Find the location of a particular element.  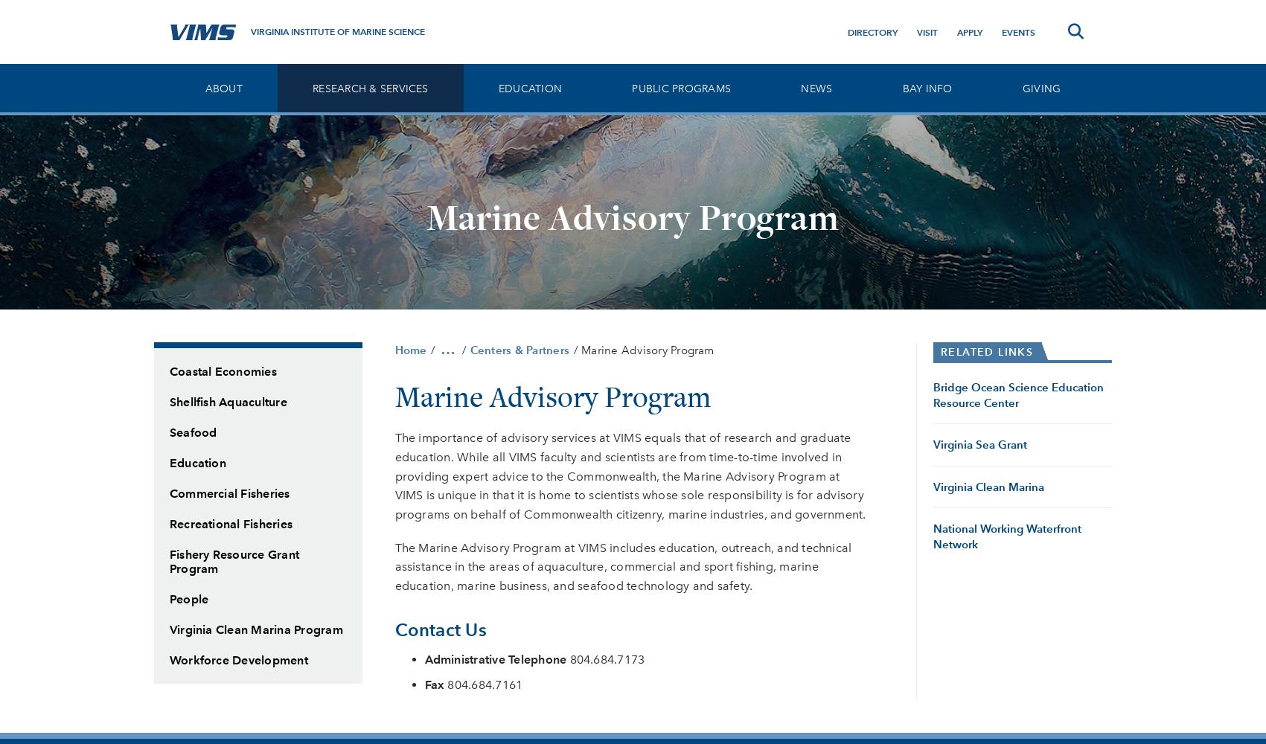

'The importance of advisory services at VIMS equals that of research and graduate education. While all VIMS faculty and scientists are from time-to-time involved in providing expert advice to the Commonwealth, the Marine Advisory Program at VIMS is unique in that it is home to scientists whose sole responsibility is for advisory programs on behalf of Commonwealth citizenry, marine industries, and government.' is located at coordinates (630, 475).